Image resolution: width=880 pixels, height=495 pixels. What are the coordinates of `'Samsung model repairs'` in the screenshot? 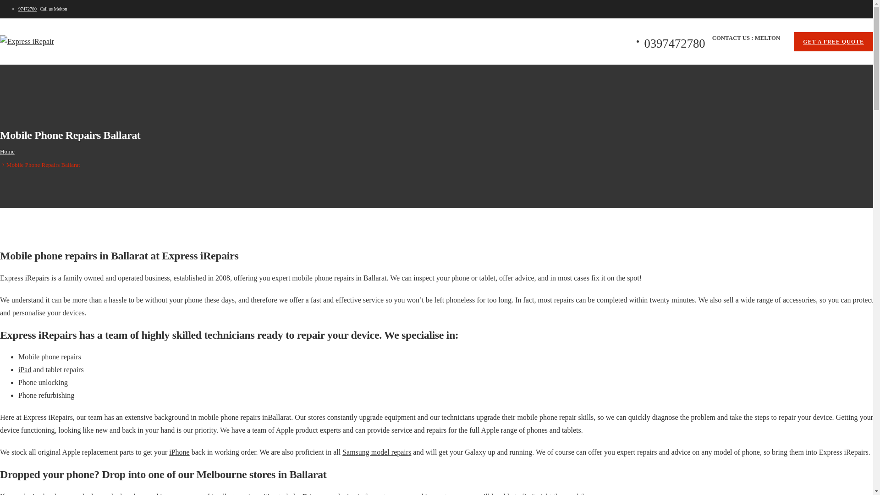 It's located at (376, 451).